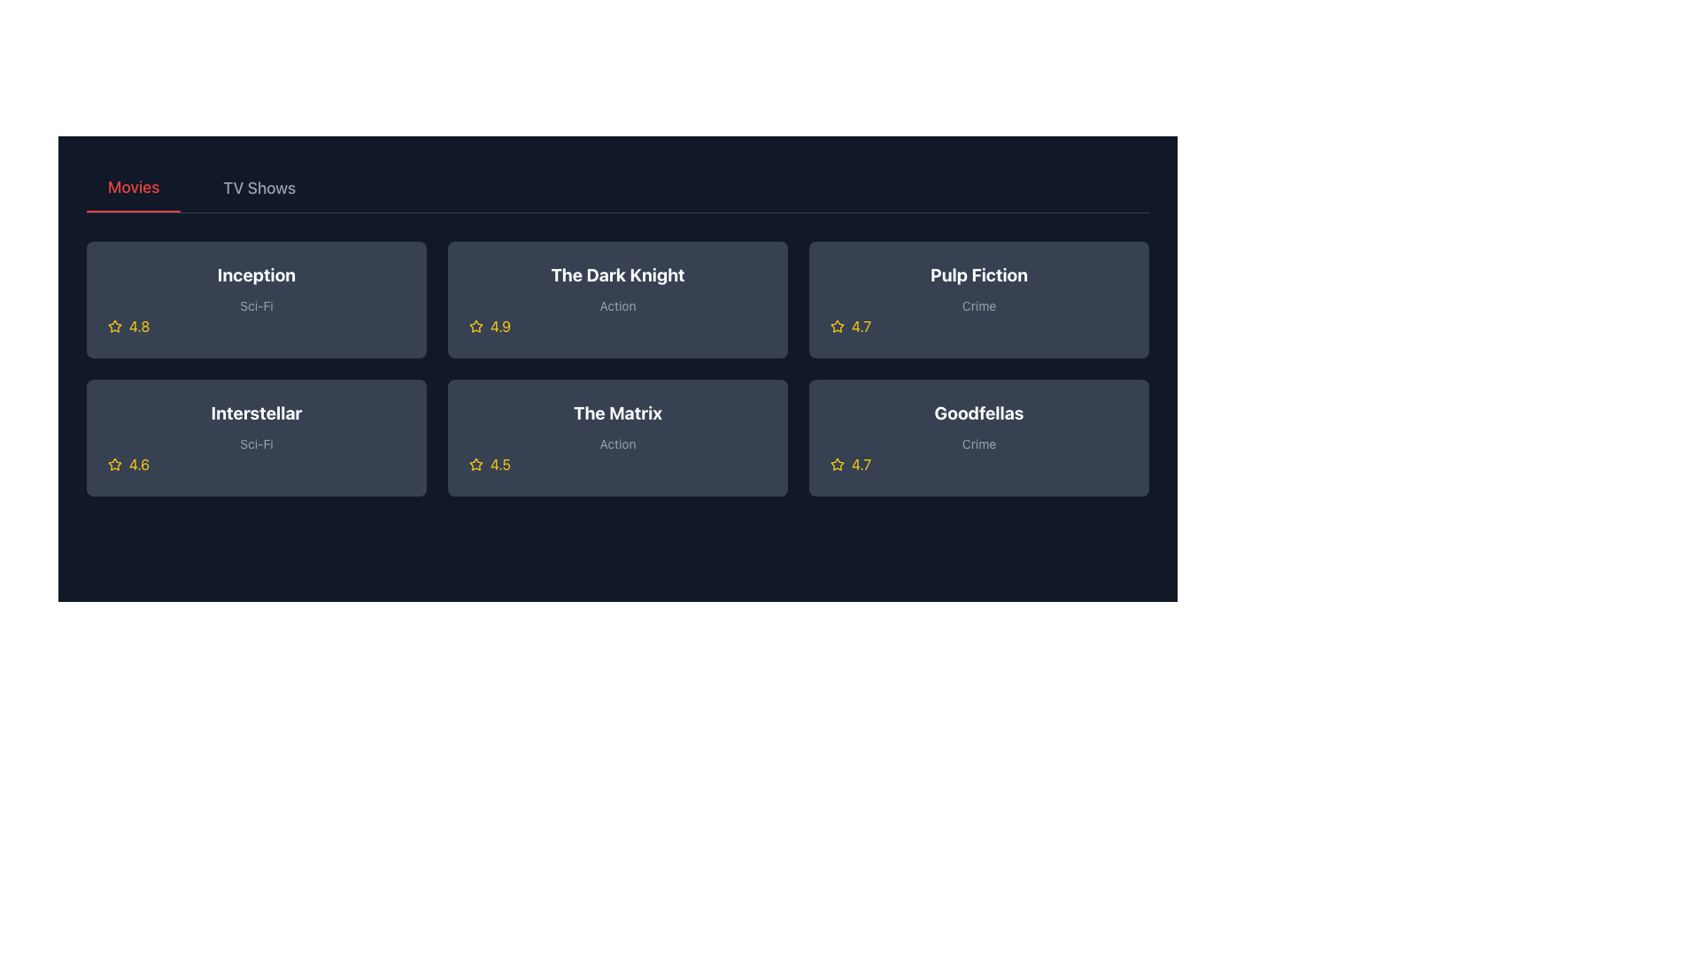  What do you see at coordinates (617, 305) in the screenshot?
I see `the text label displaying 'Action' which is located below 'The Dark Knight' in the second movie card of the top card row` at bounding box center [617, 305].